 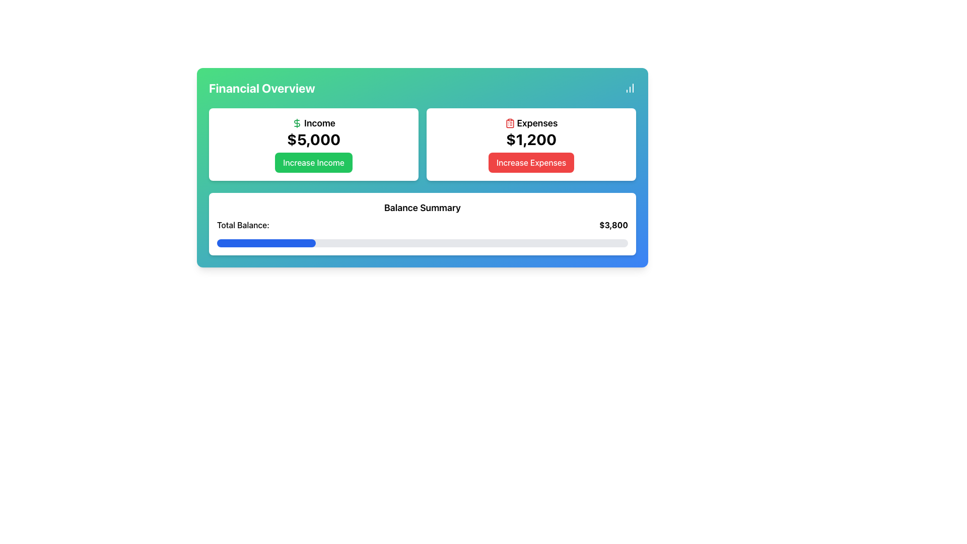 I want to click on the button located in the 'Income' section of the financial overview card, positioned directly below the income value ('$5,000') and the 'Income' label, to observe a hover effect, so click(x=313, y=162).